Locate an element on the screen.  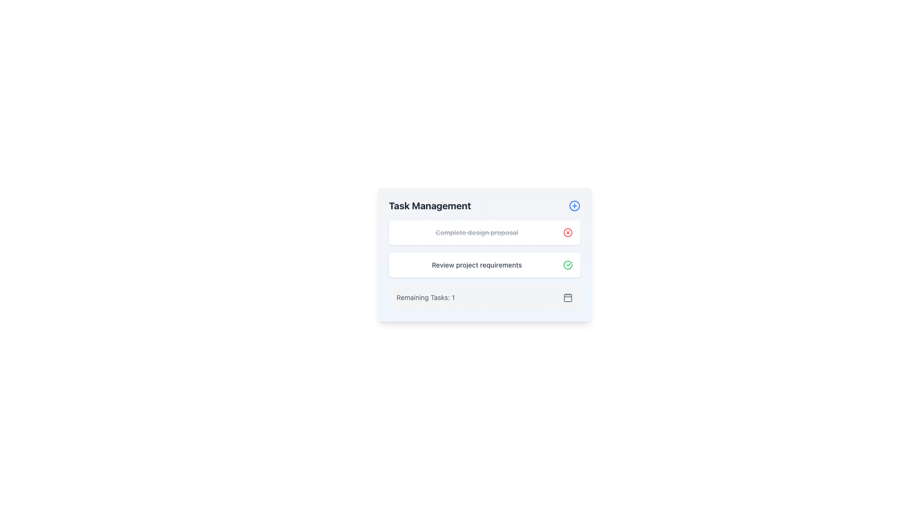
the text 'Remaining Tasks: 1' on the Informational card located in the Task Management section is located at coordinates (484, 297).